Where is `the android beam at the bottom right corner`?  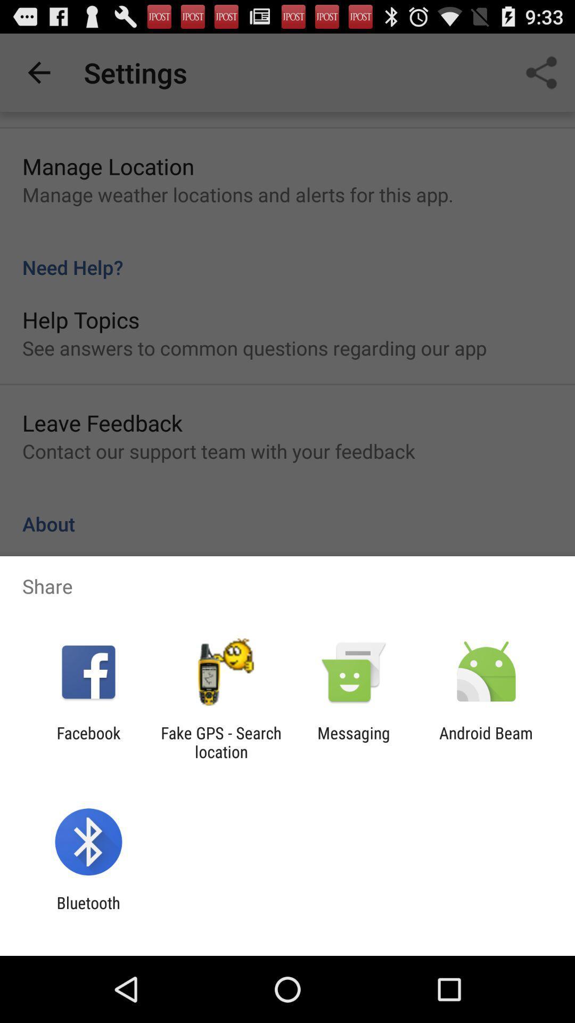
the android beam at the bottom right corner is located at coordinates (486, 742).